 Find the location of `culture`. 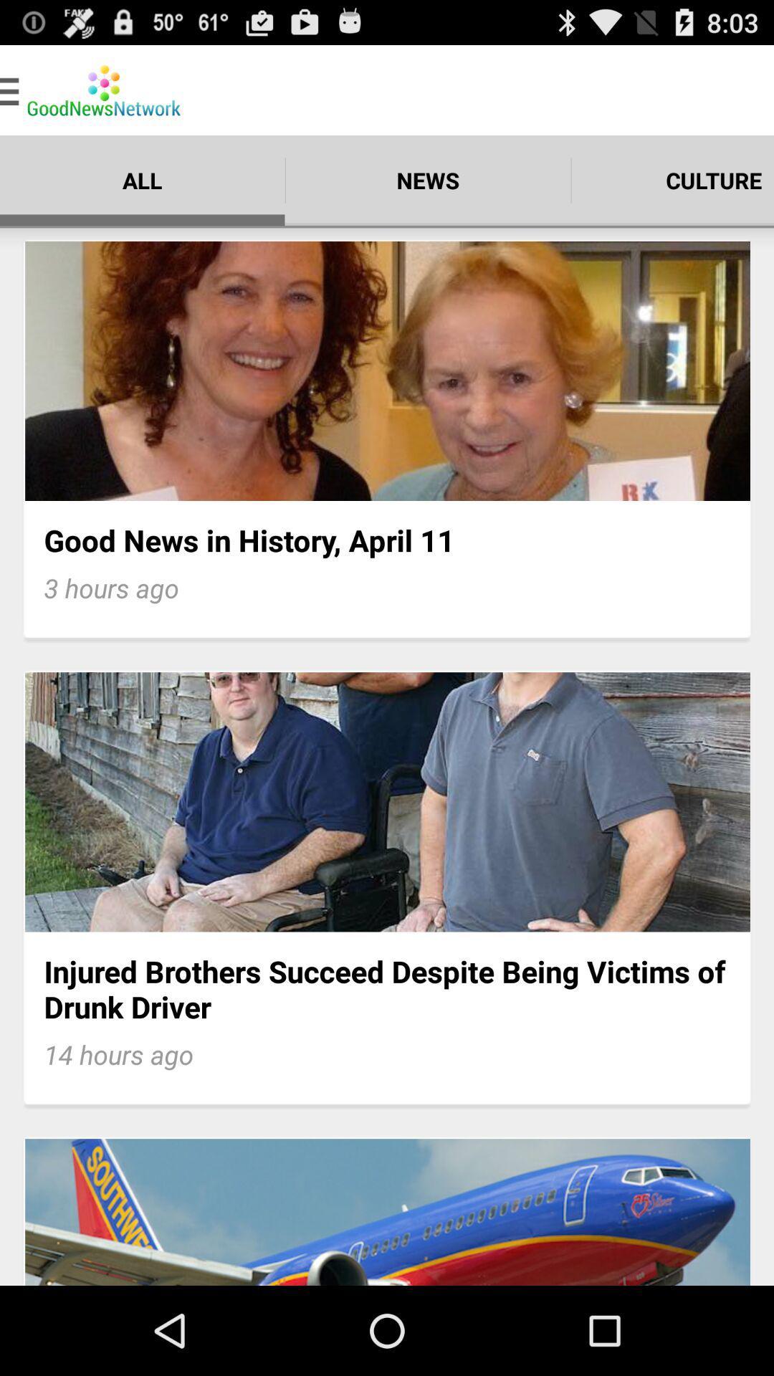

culture is located at coordinates (672, 180).